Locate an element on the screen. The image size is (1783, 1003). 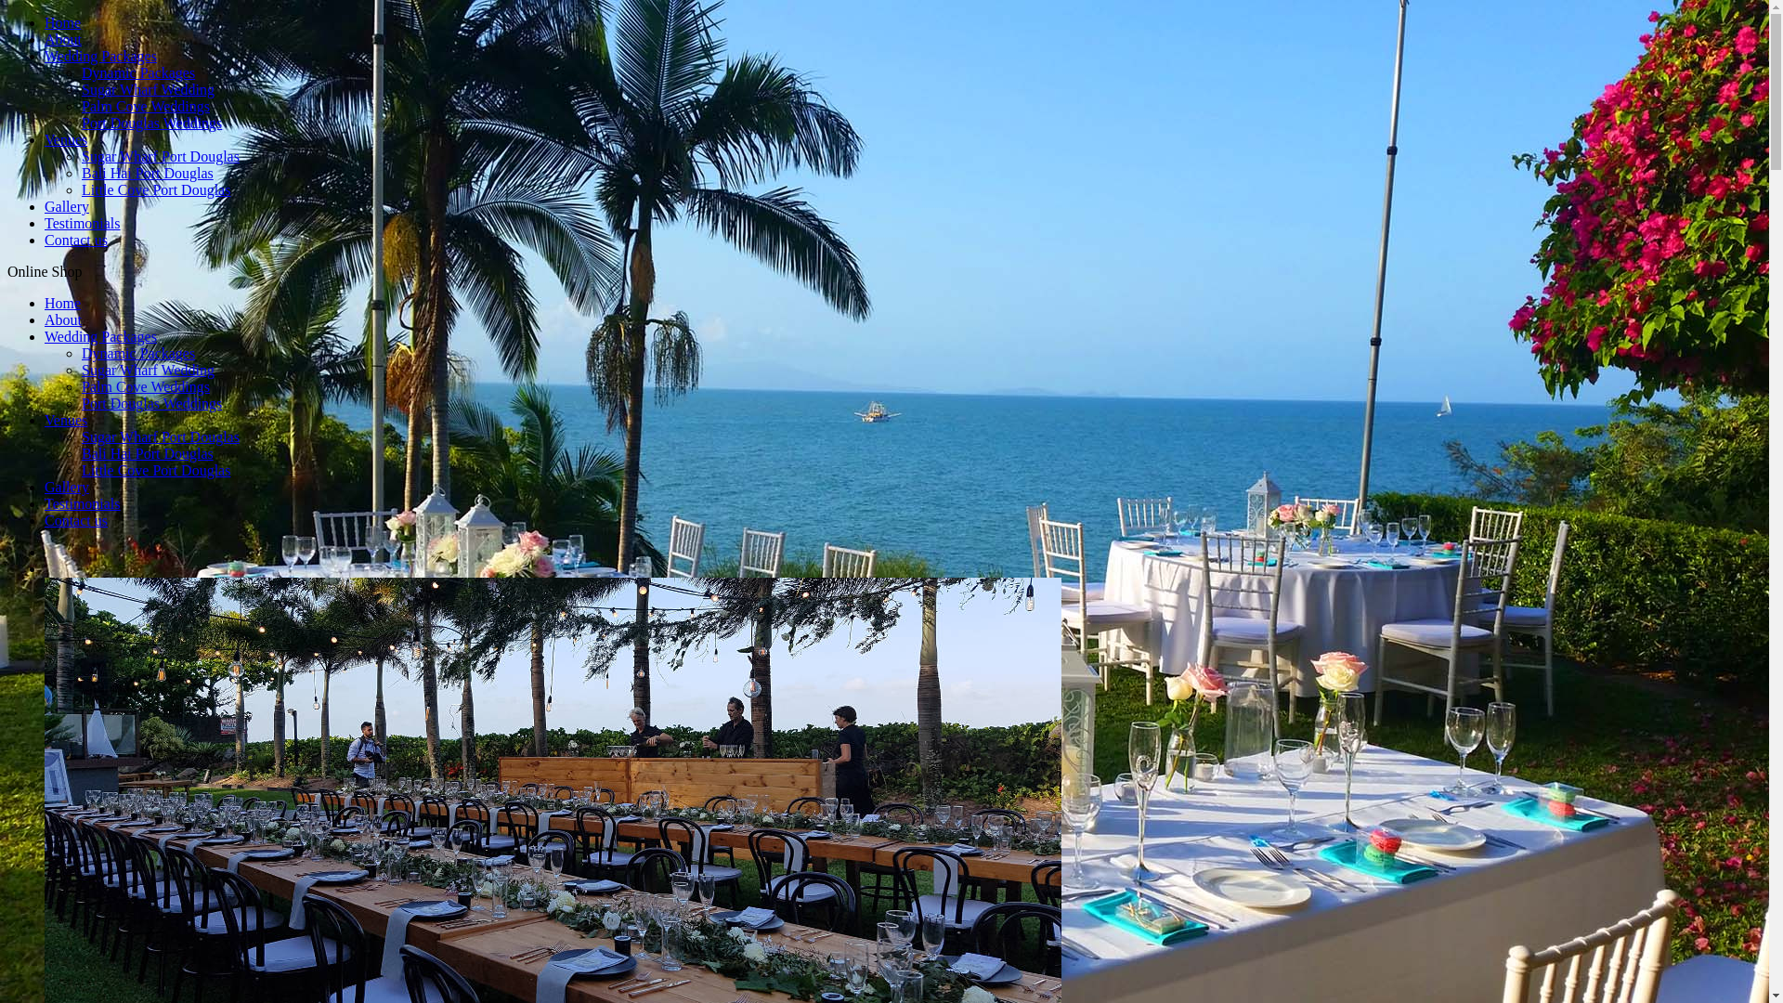
'Little Cove Port Douglas' is located at coordinates (156, 469).